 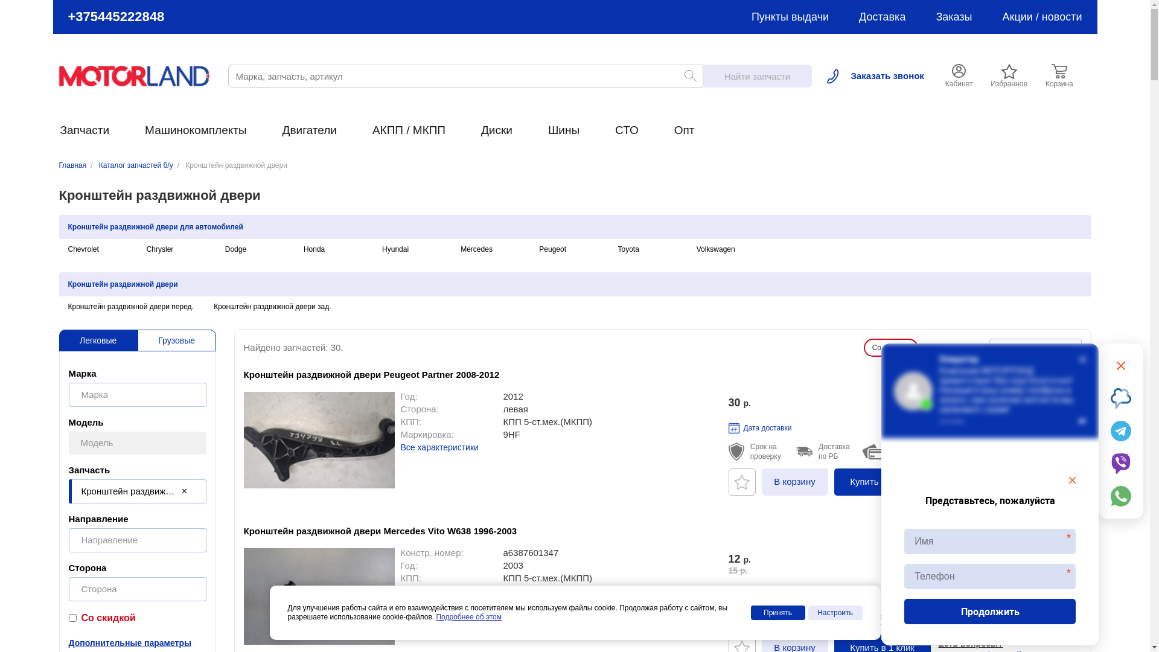 What do you see at coordinates (395, 248) in the screenshot?
I see `'Hyundai'` at bounding box center [395, 248].